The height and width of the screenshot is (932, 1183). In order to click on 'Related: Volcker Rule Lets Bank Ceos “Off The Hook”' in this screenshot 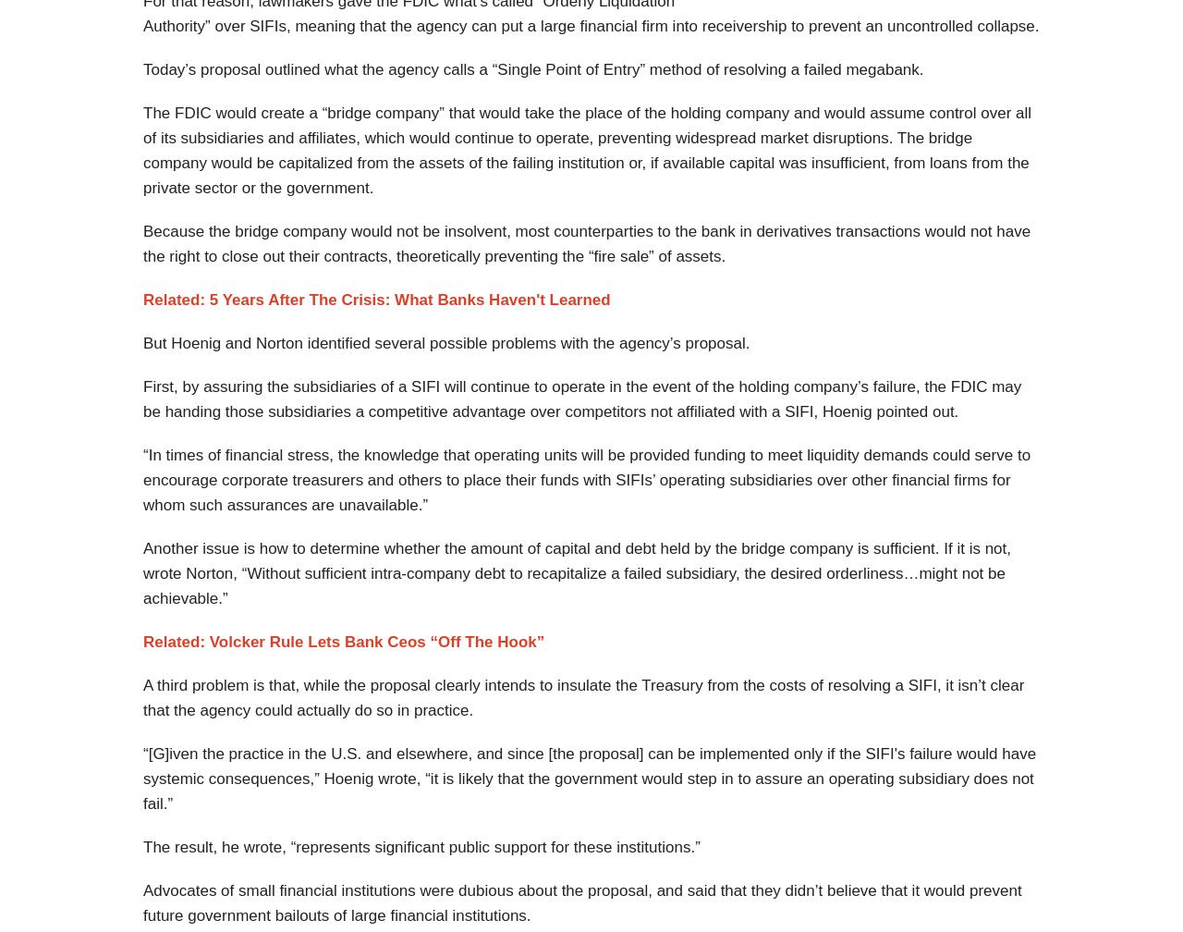, I will do `click(343, 642)`.